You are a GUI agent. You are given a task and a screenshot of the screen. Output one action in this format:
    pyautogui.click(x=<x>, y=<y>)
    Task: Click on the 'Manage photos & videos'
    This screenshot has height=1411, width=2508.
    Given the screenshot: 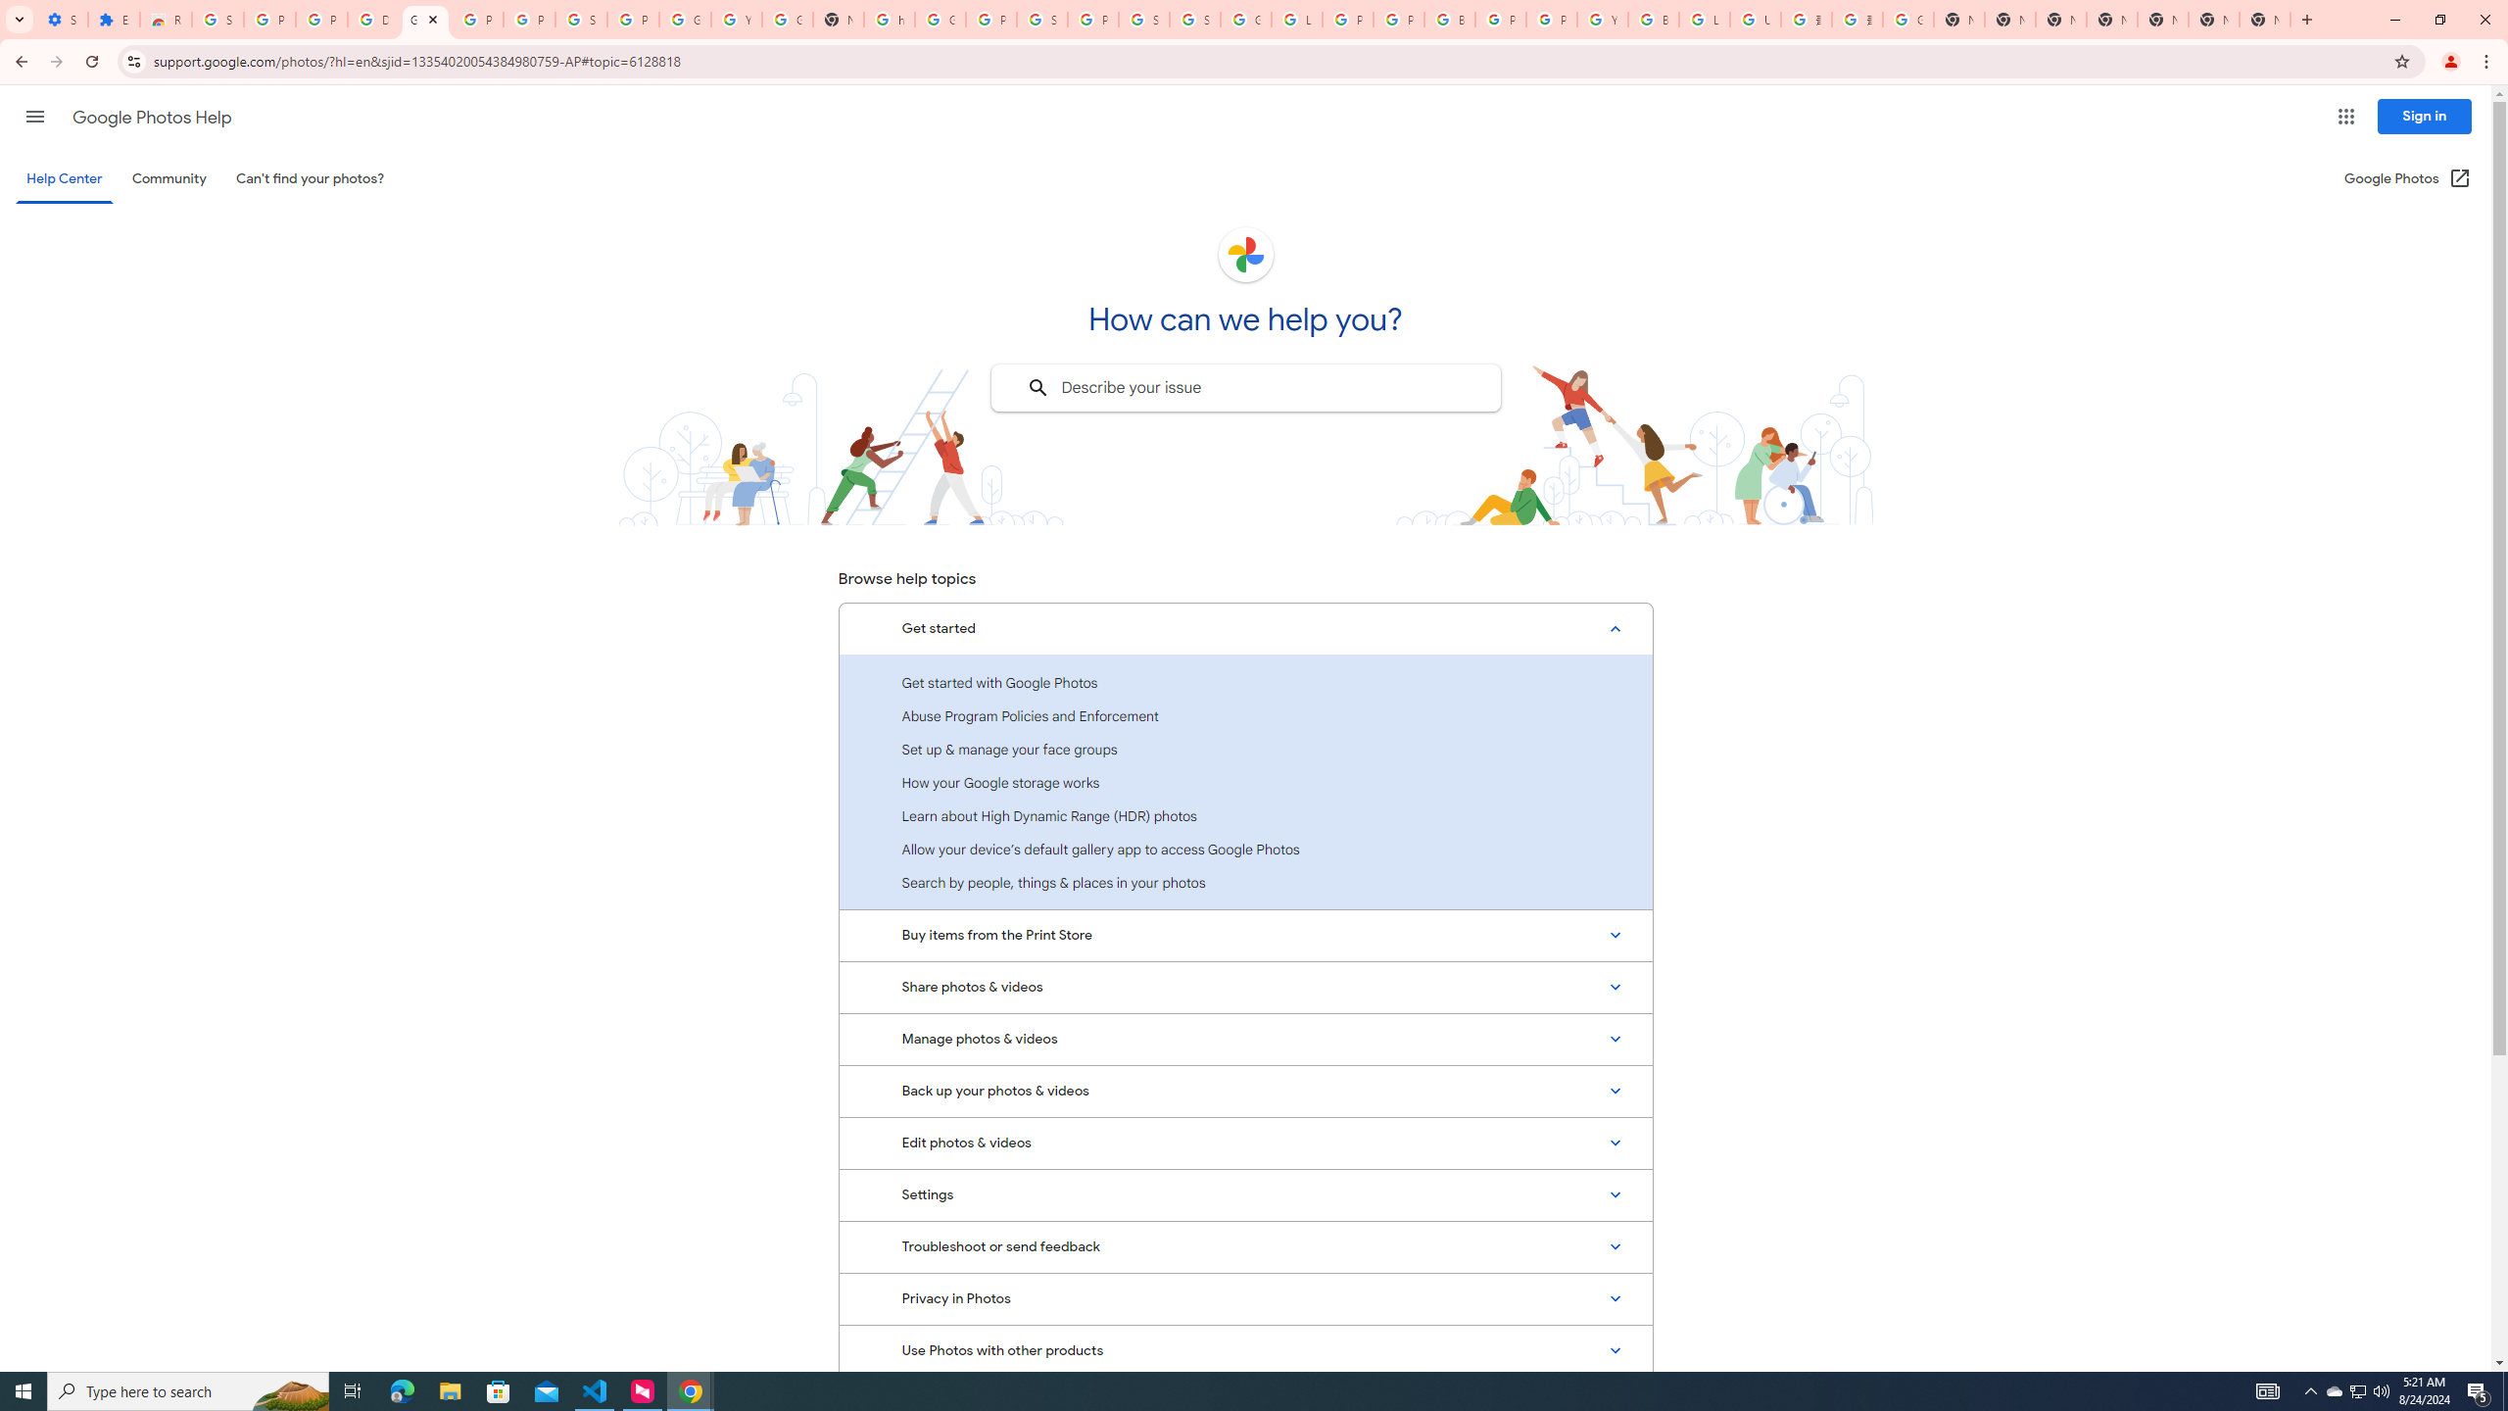 What is the action you would take?
    pyautogui.click(x=1245, y=1039)
    